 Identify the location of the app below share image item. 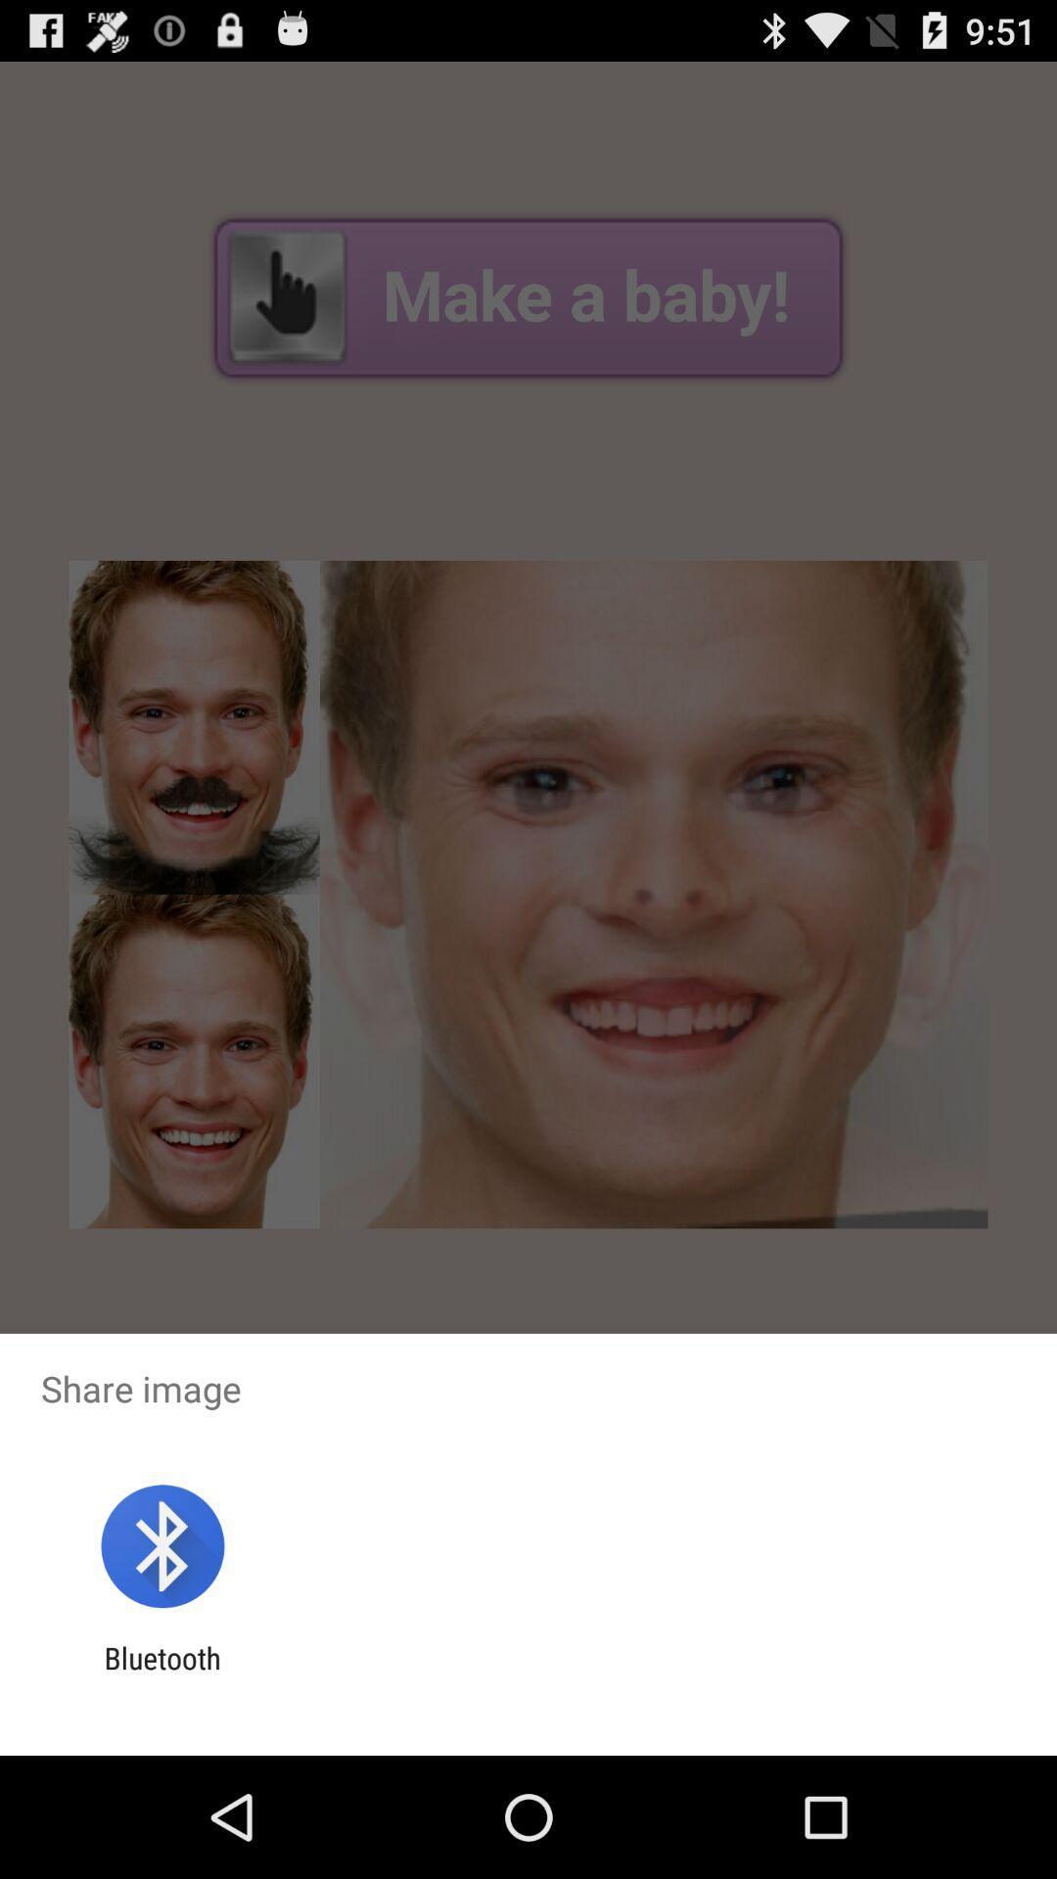
(161, 1545).